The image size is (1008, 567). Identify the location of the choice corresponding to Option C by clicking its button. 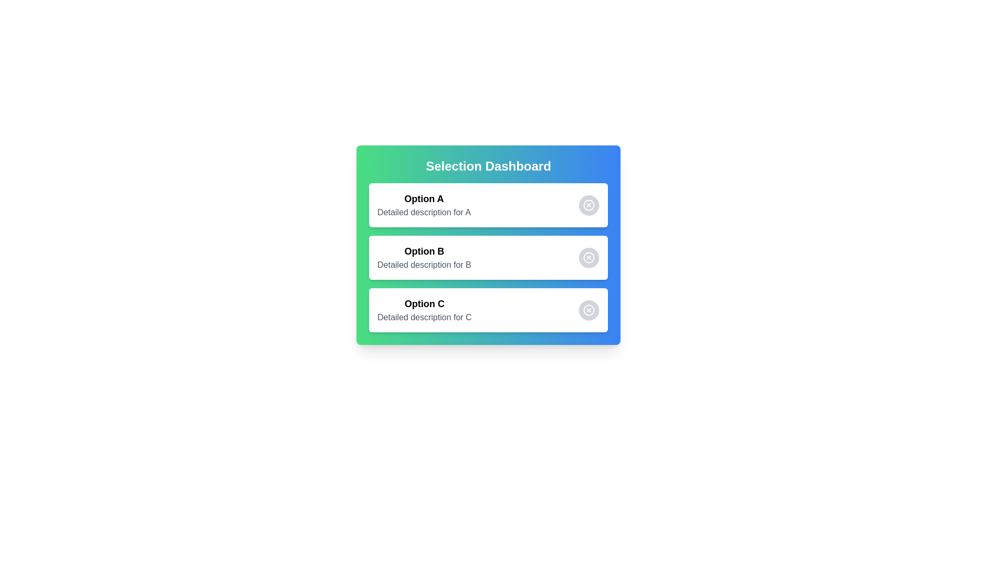
(589, 309).